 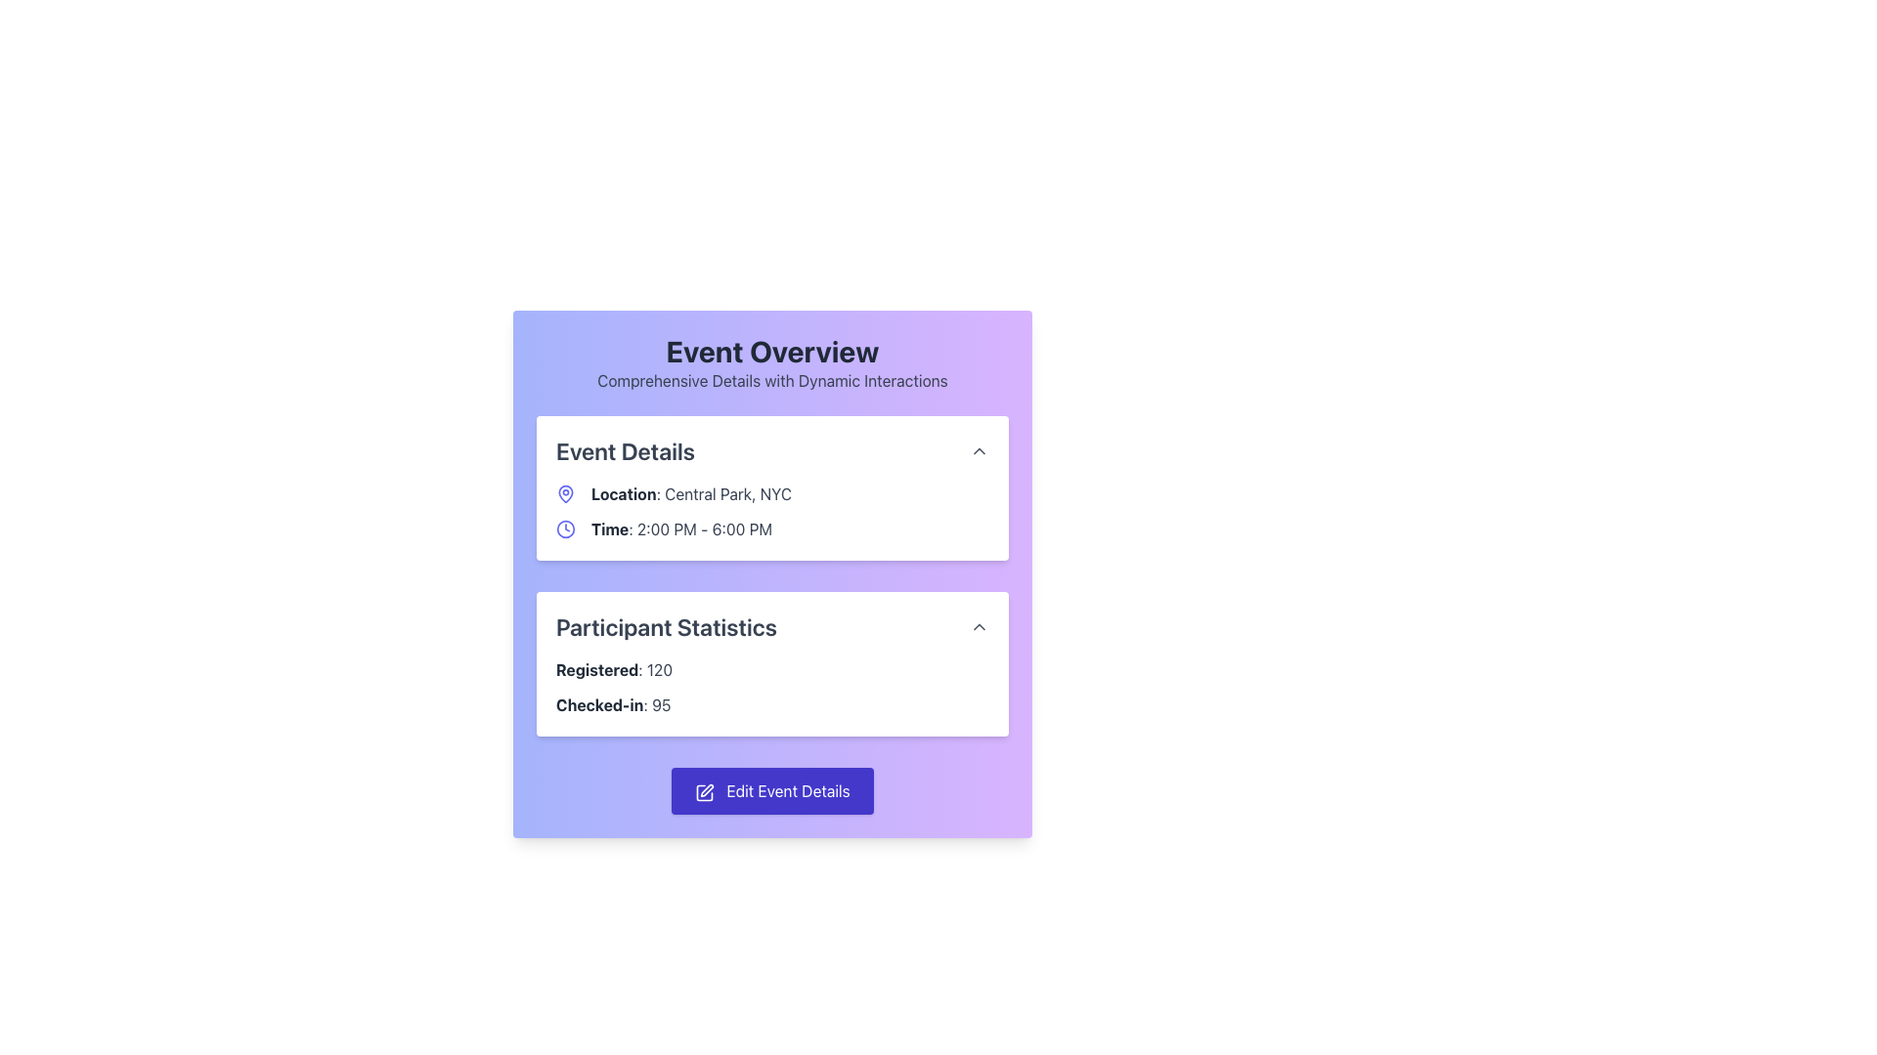 What do you see at coordinates (596, 669) in the screenshot?
I see `the bold text label that says 'Registered' in dark gray, located in the participant statistics section adjacent to the number '120'` at bounding box center [596, 669].